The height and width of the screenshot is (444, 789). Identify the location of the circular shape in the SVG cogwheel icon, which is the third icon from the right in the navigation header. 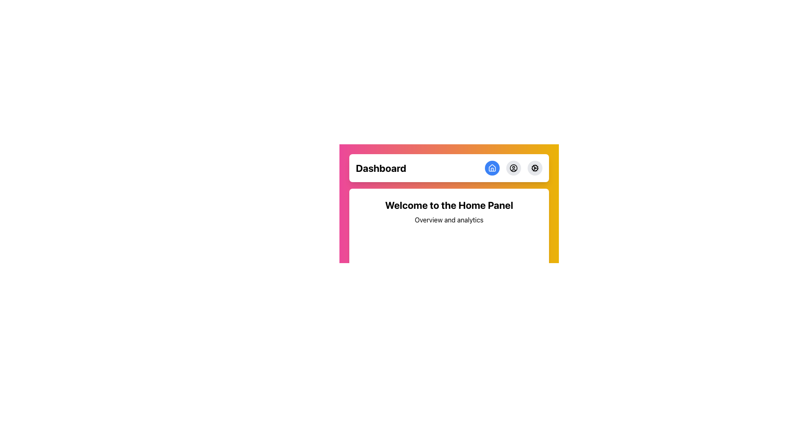
(535, 167).